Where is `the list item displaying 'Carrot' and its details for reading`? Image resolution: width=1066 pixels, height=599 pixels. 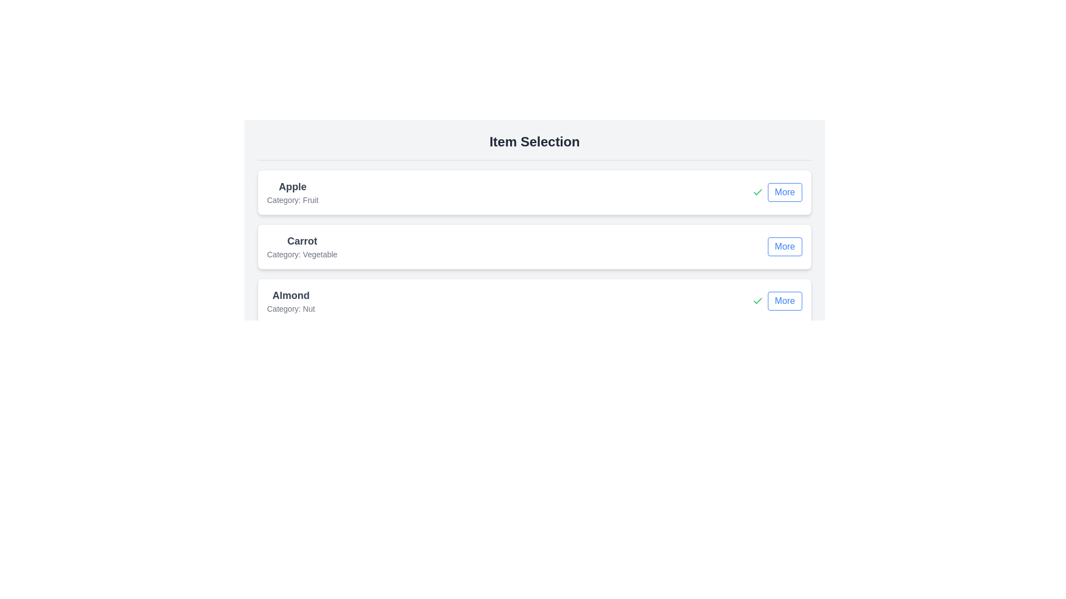
the list item displaying 'Carrot' and its details for reading is located at coordinates (535, 246).